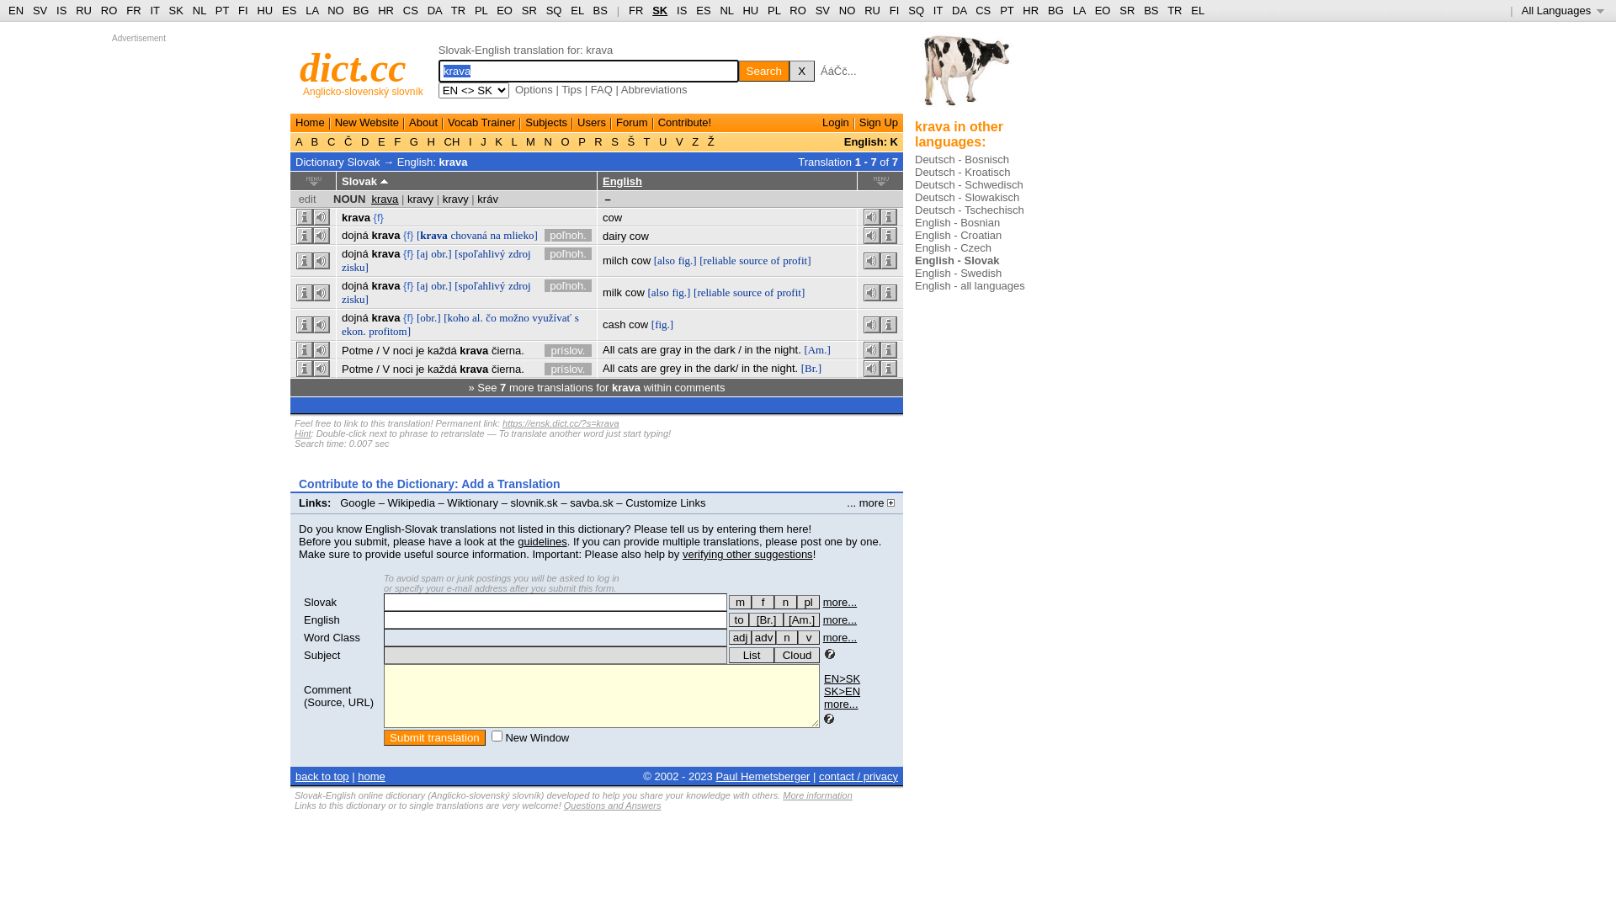 The height and width of the screenshot is (909, 1616). What do you see at coordinates (840, 601) in the screenshot?
I see `'more...'` at bounding box center [840, 601].